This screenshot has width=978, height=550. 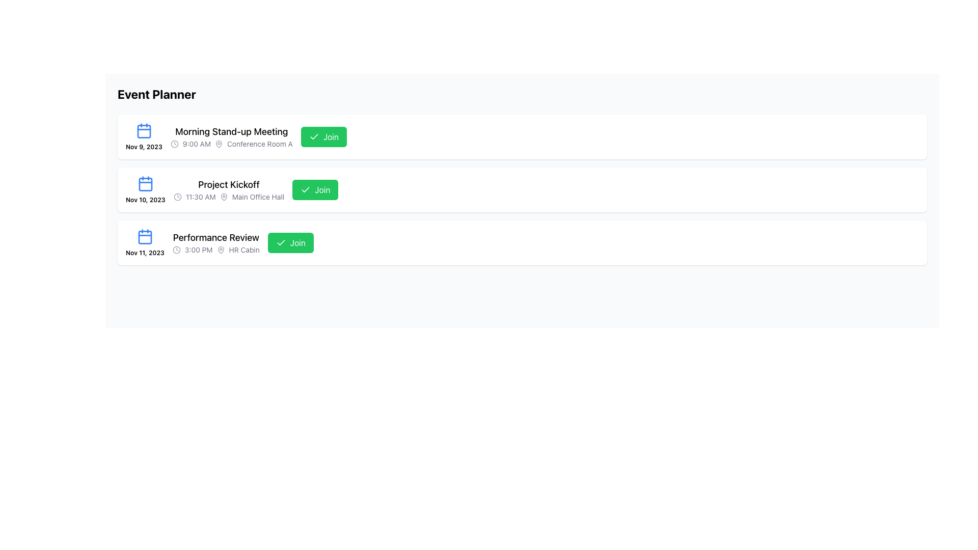 What do you see at coordinates (223, 197) in the screenshot?
I see `the location pin icon` at bounding box center [223, 197].